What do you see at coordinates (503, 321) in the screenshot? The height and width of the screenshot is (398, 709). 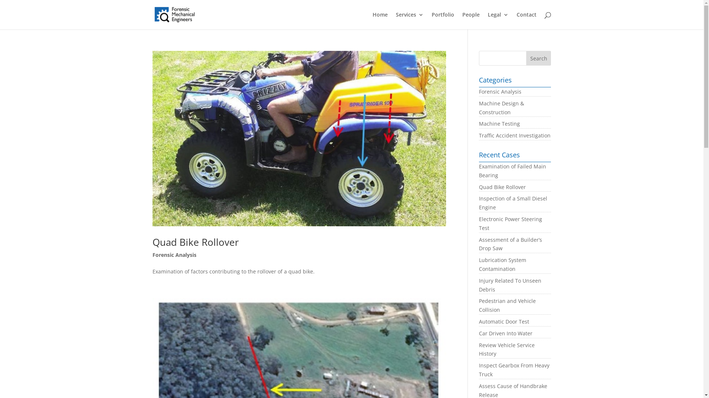 I see `'Automatic Door Test'` at bounding box center [503, 321].